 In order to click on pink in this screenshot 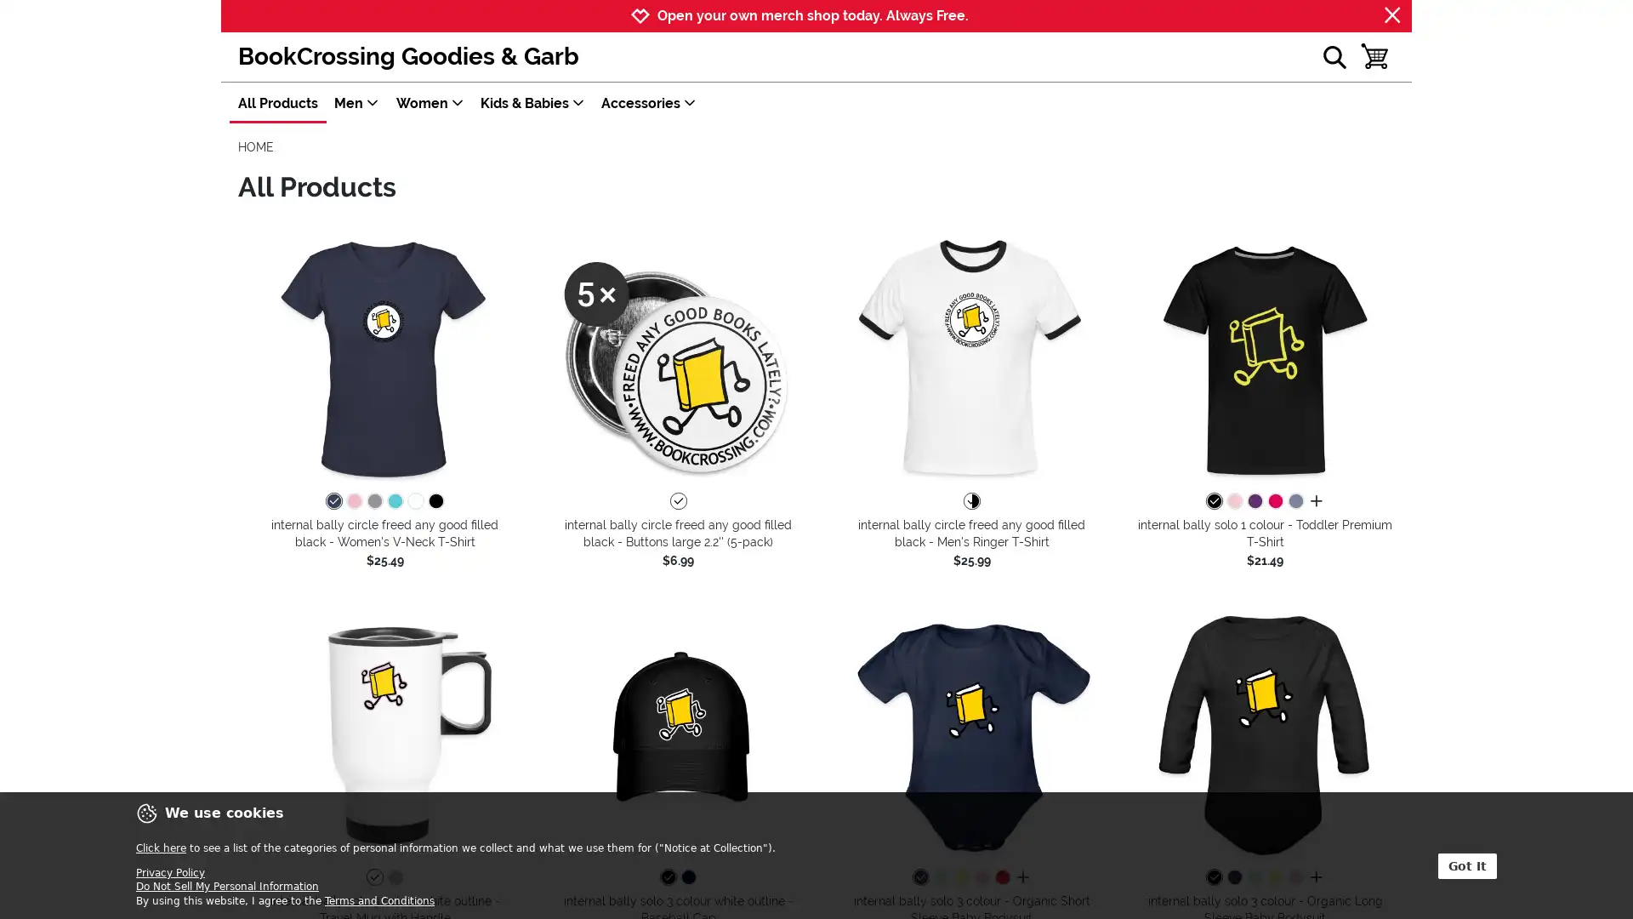, I will do `click(1233, 501)`.